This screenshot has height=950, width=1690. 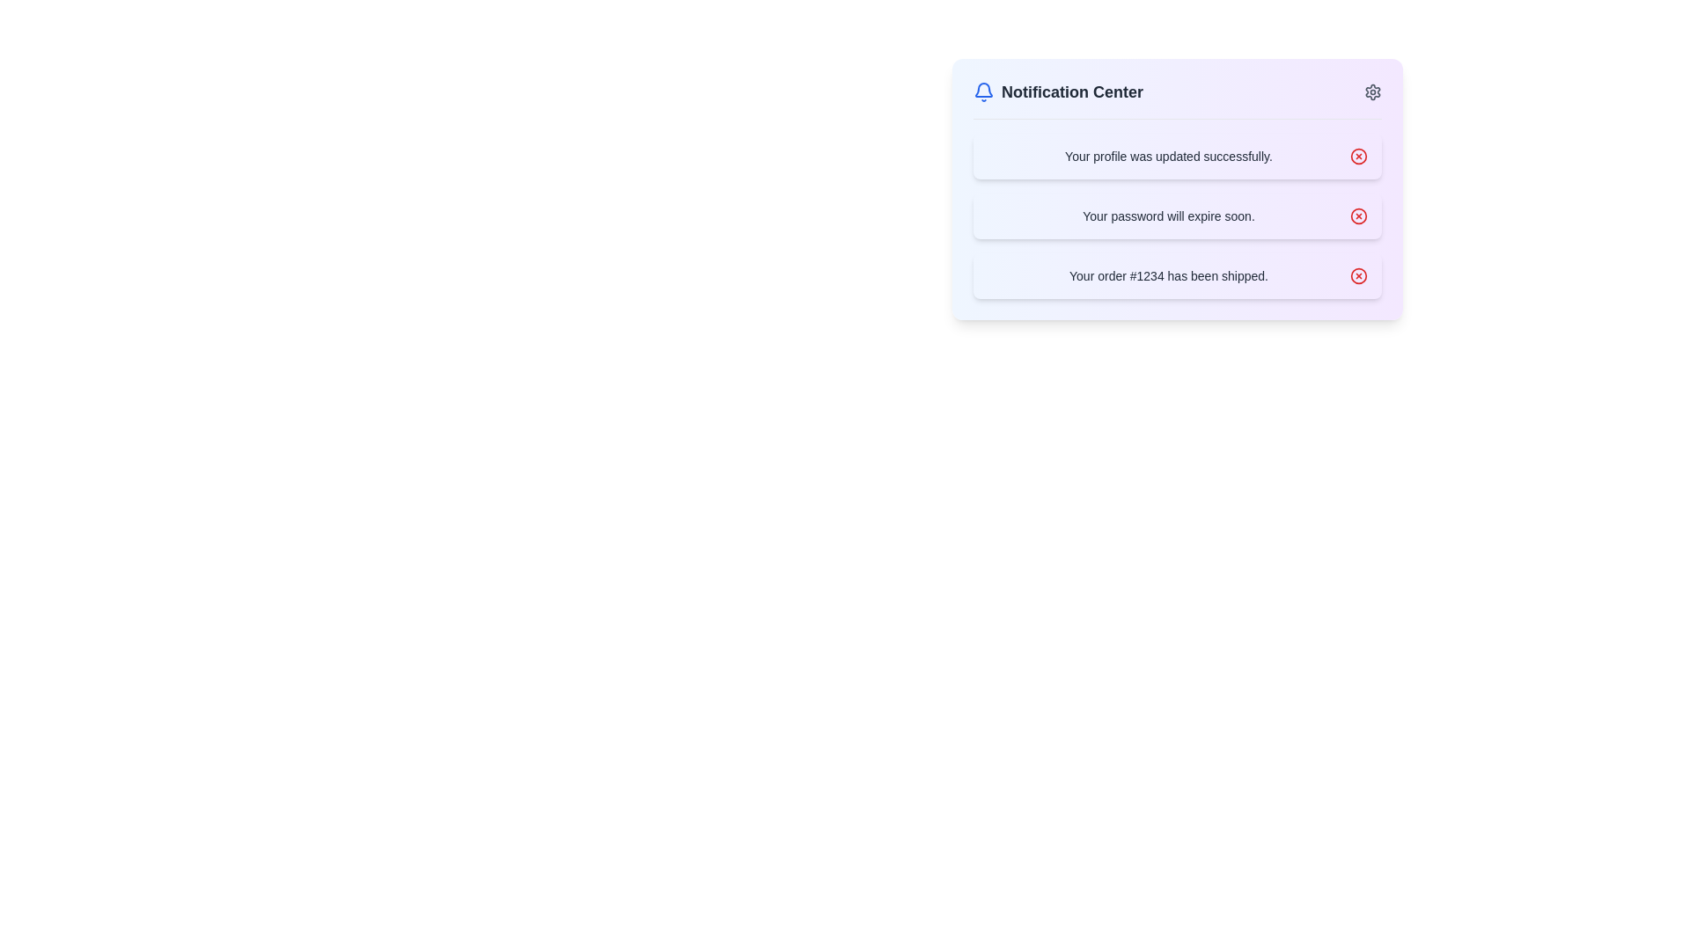 I want to click on the notification box displaying 'Your profile was updated successfully.' with a light blue background and a small red circular 'X' icon, so click(x=1178, y=155).